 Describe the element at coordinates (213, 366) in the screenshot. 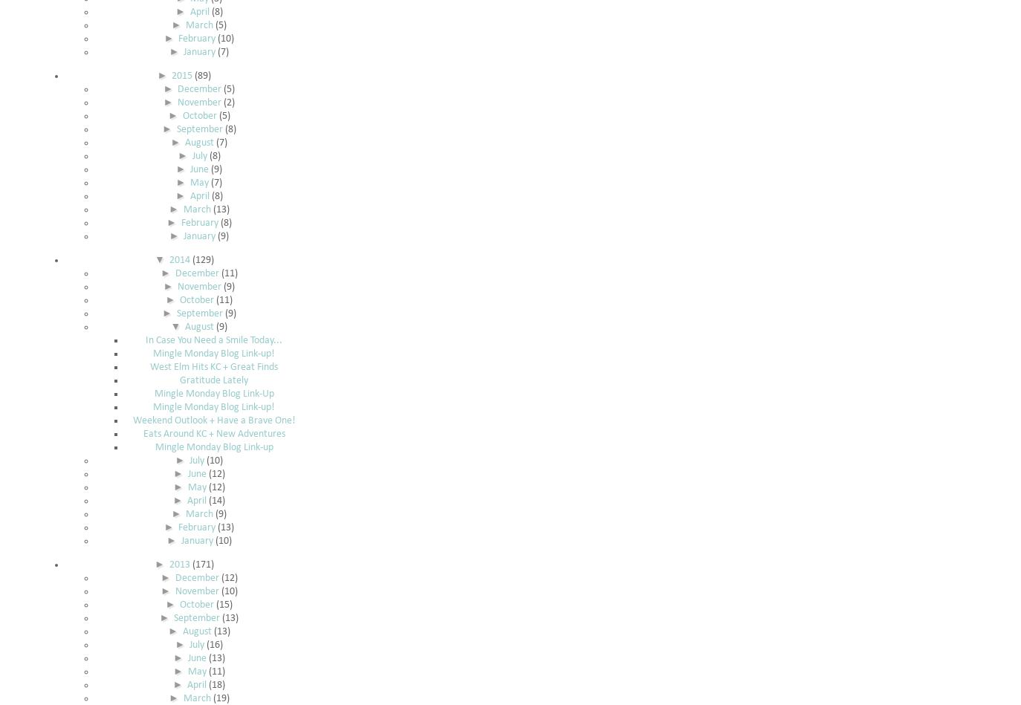

I see `'West Elm Hits KC + Great Finds'` at that location.